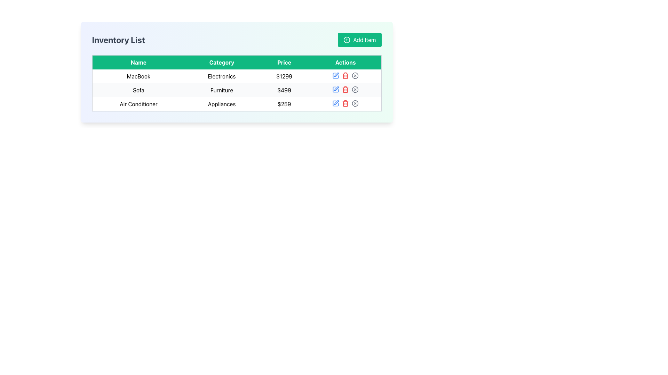  Describe the element at coordinates (118, 40) in the screenshot. I see `the bold, large, dark-gray text label displaying 'Inventory List' located at the top-left portion of the interface` at that location.